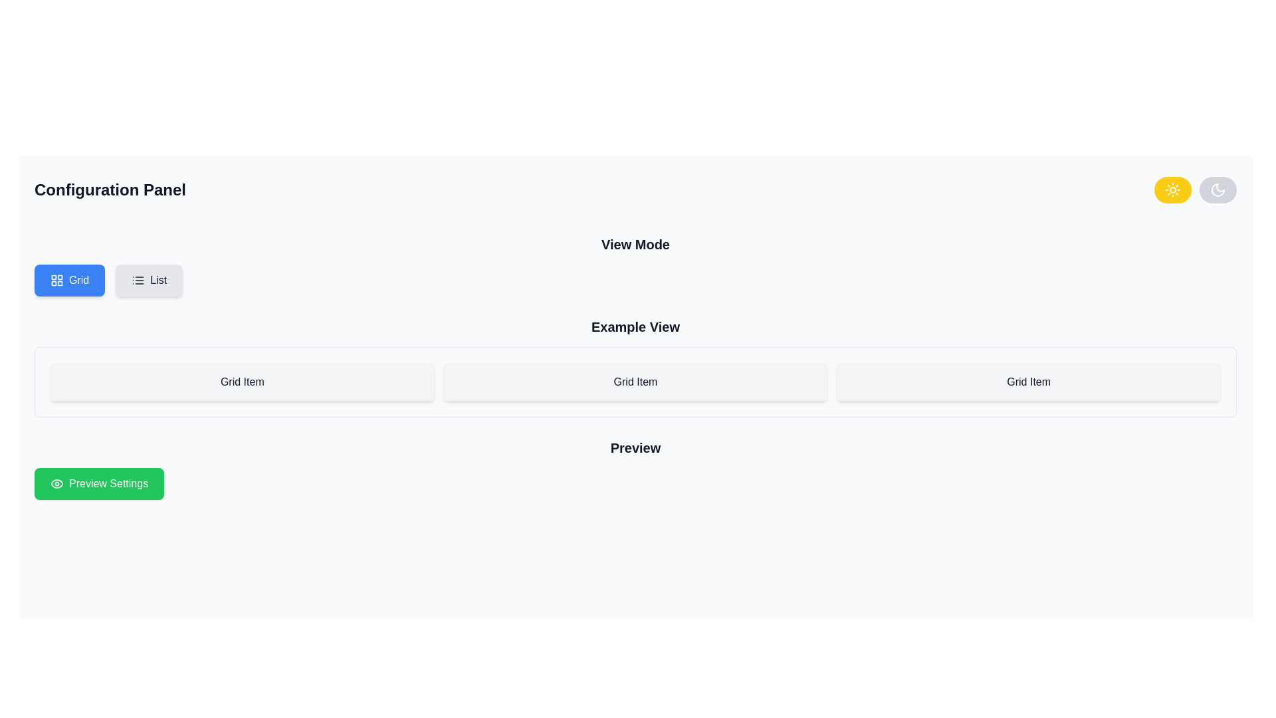  Describe the element at coordinates (69, 279) in the screenshot. I see `the blue 'Grid' button with rounded corners and white text` at that location.